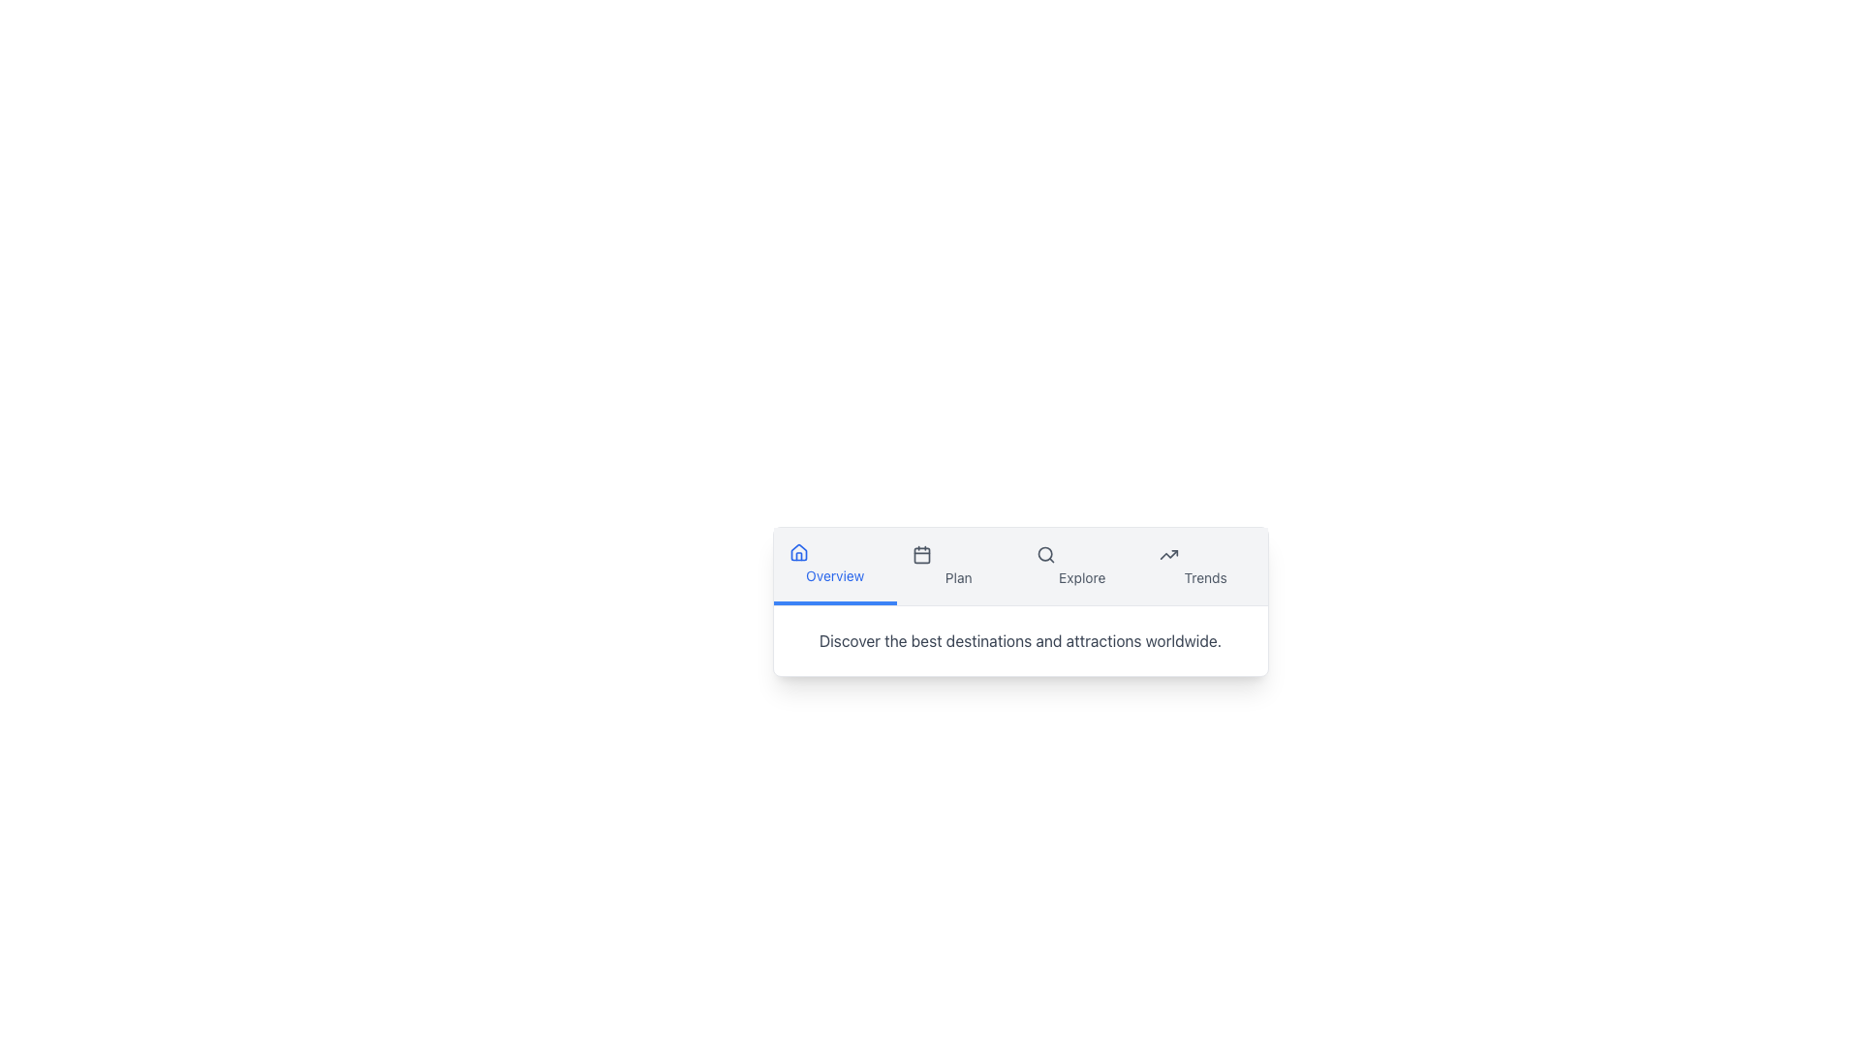  Describe the element at coordinates (1044, 555) in the screenshot. I see `the magnifying glass icon located in the navigation bar above the 'Explore' text label` at that location.